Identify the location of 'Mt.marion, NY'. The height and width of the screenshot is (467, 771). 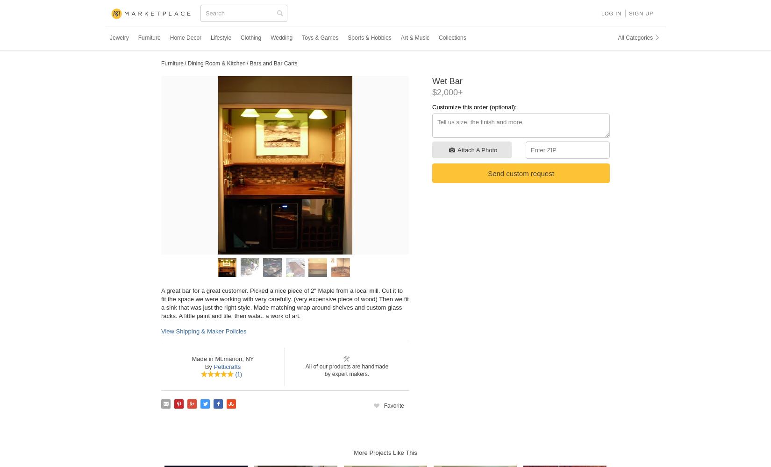
(233, 358).